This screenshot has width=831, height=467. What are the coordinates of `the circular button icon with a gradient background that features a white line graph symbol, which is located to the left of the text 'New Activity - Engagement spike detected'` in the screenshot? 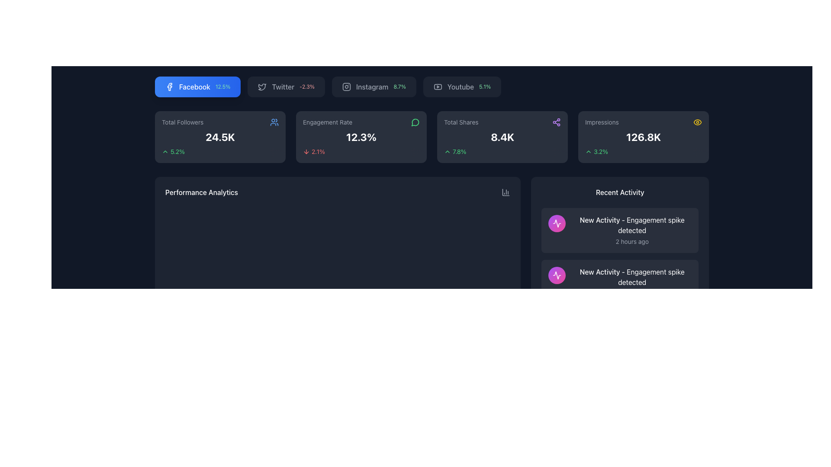 It's located at (557, 223).